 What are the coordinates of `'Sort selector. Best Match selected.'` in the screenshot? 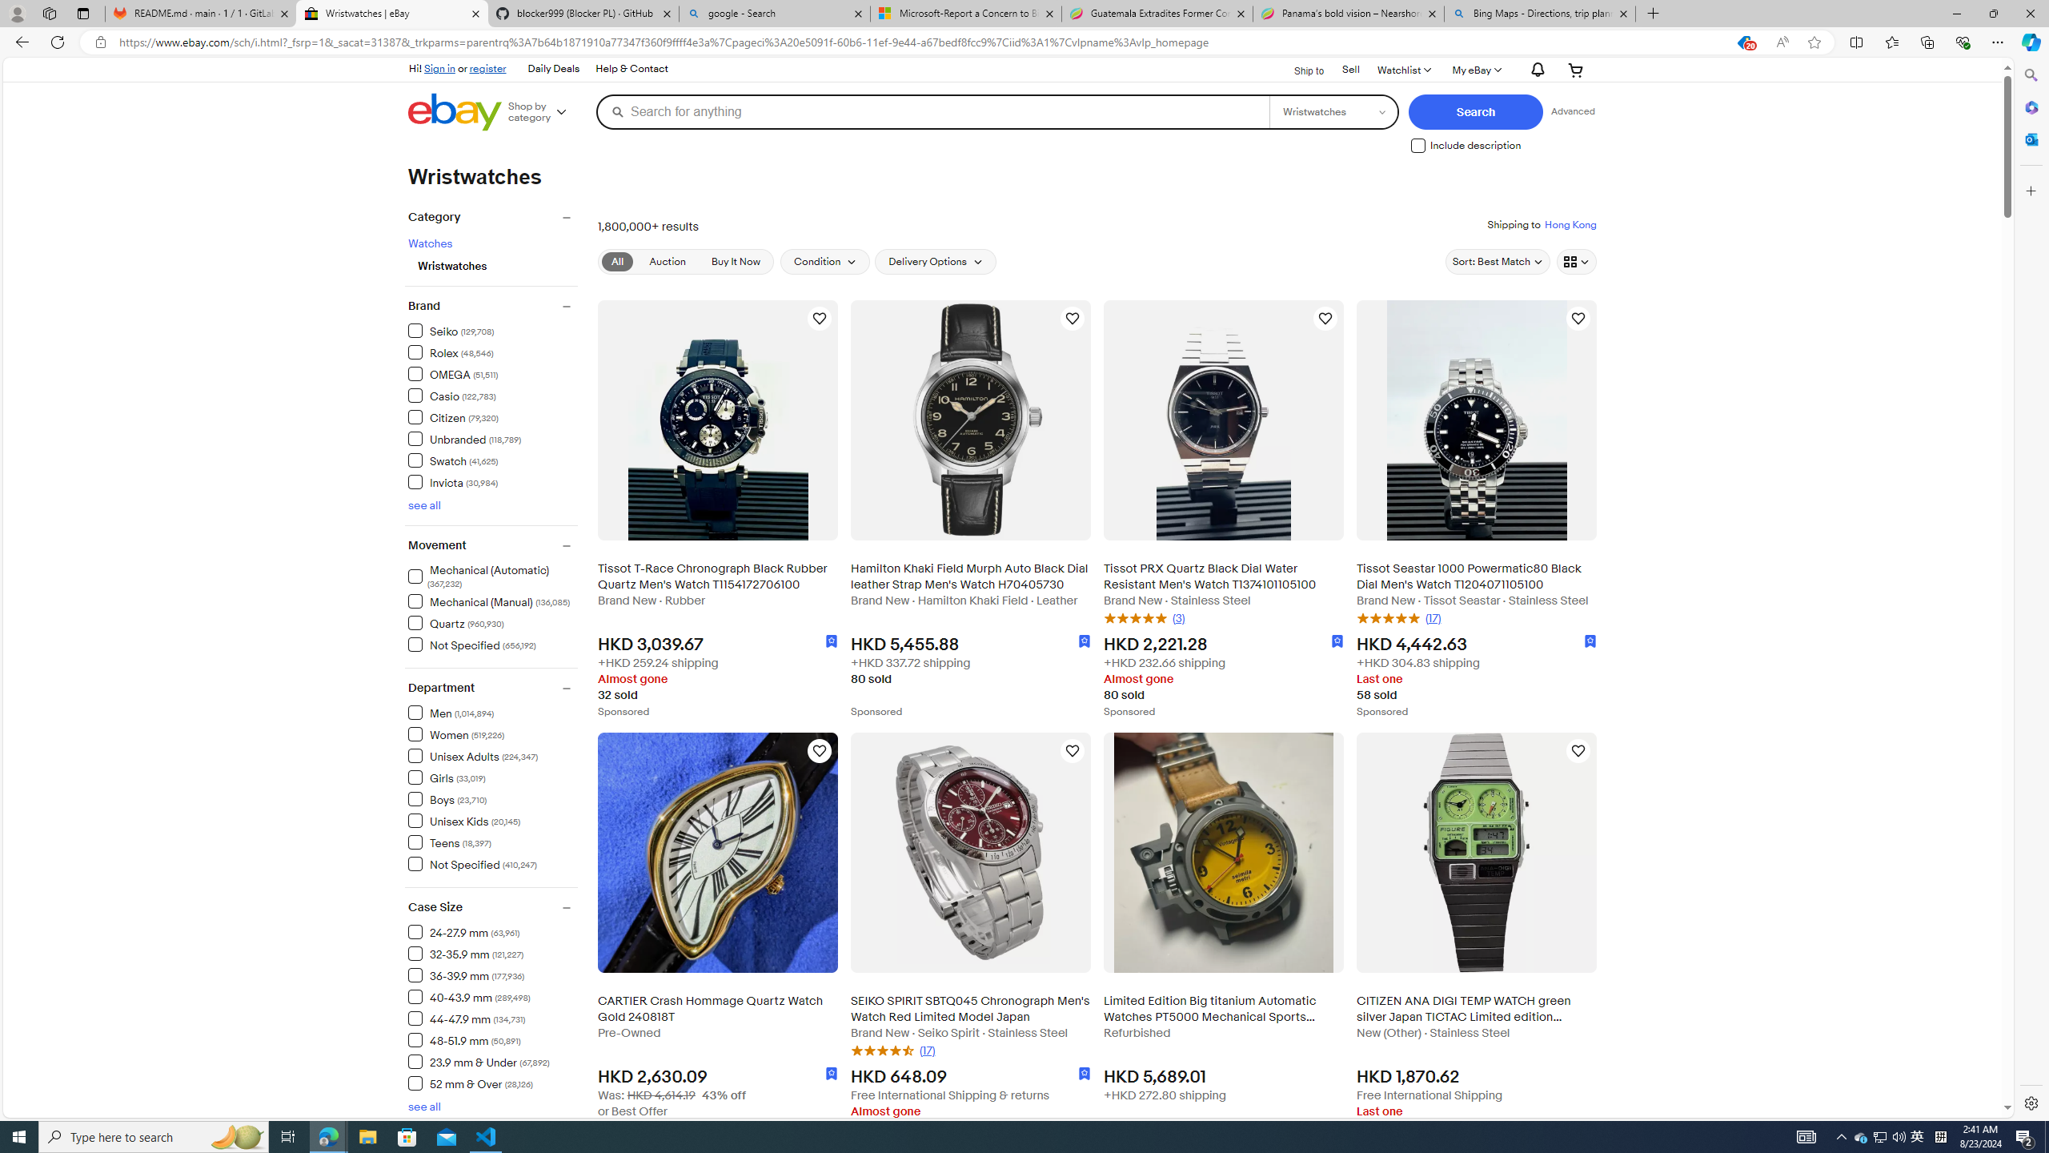 It's located at (1498, 260).